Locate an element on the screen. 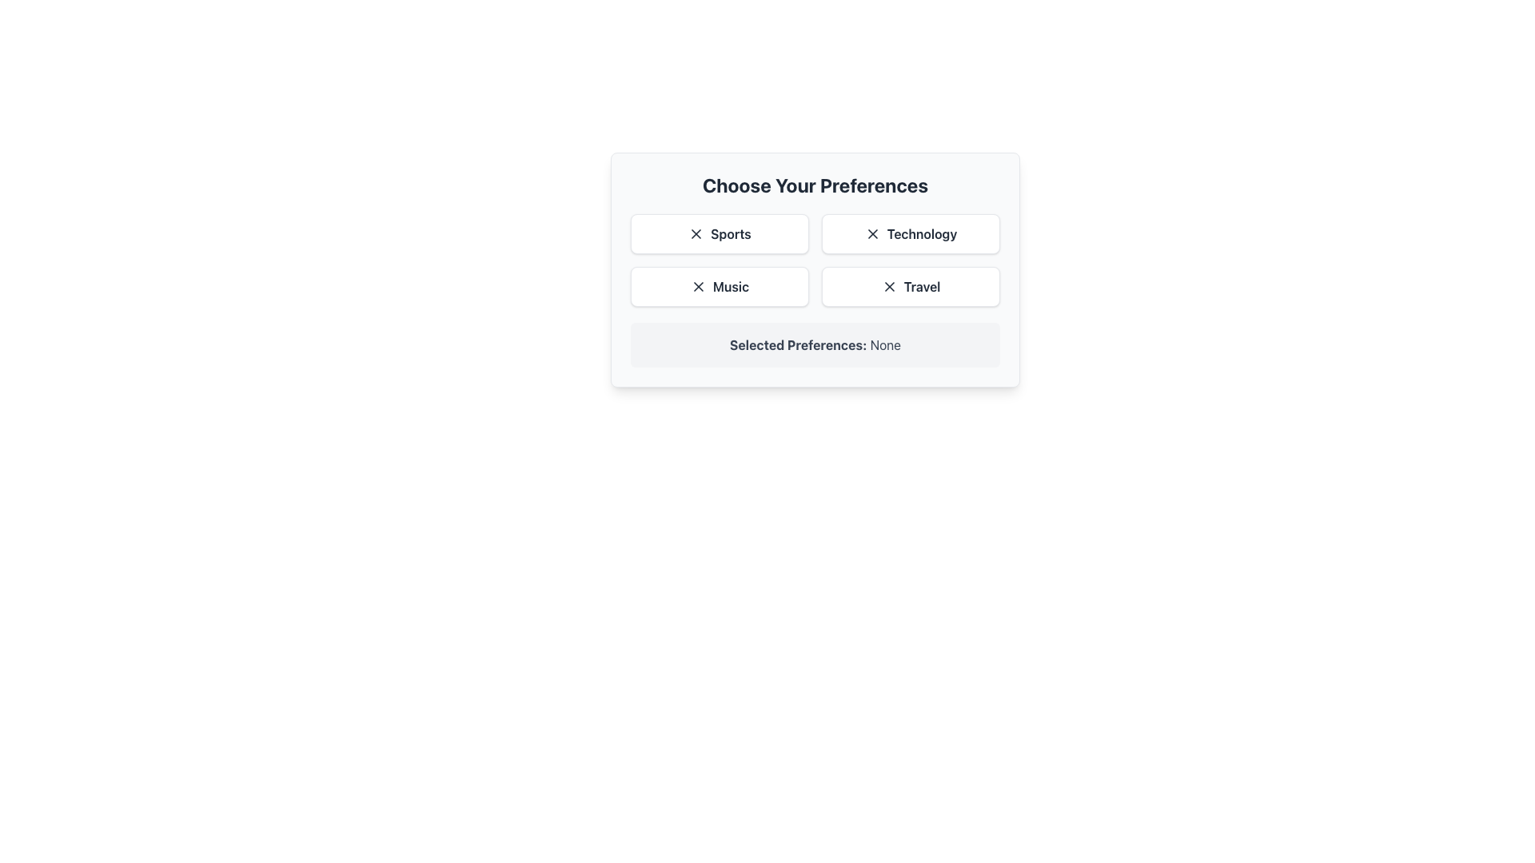 Image resolution: width=1535 pixels, height=863 pixels. the white 'X' icon located at the top-left corner of the 'Sports' button in the 'Choose Your Preferences' section to clear the selection is located at coordinates (696, 234).